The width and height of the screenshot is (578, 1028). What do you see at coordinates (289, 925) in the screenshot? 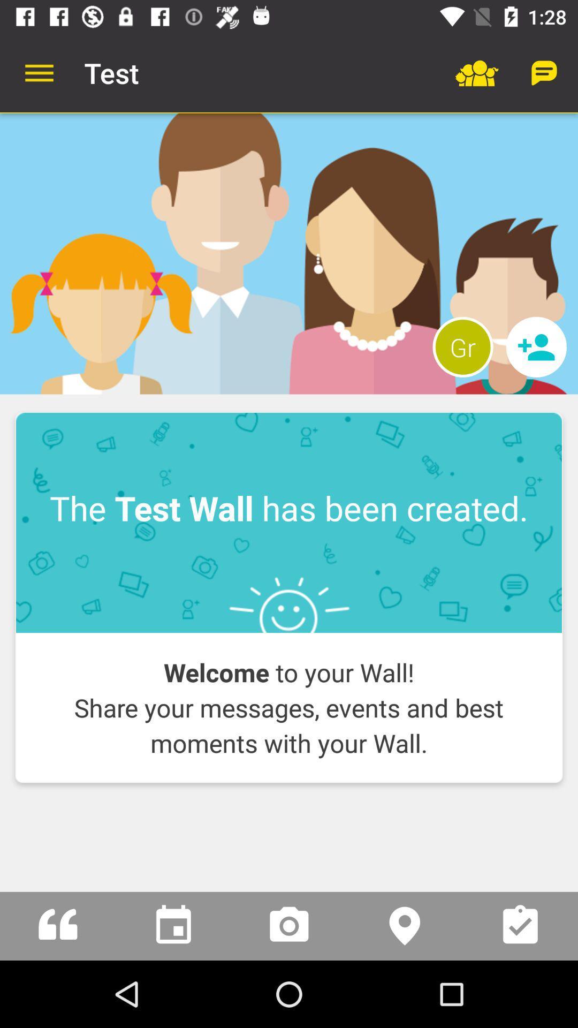
I see `share photos` at bounding box center [289, 925].